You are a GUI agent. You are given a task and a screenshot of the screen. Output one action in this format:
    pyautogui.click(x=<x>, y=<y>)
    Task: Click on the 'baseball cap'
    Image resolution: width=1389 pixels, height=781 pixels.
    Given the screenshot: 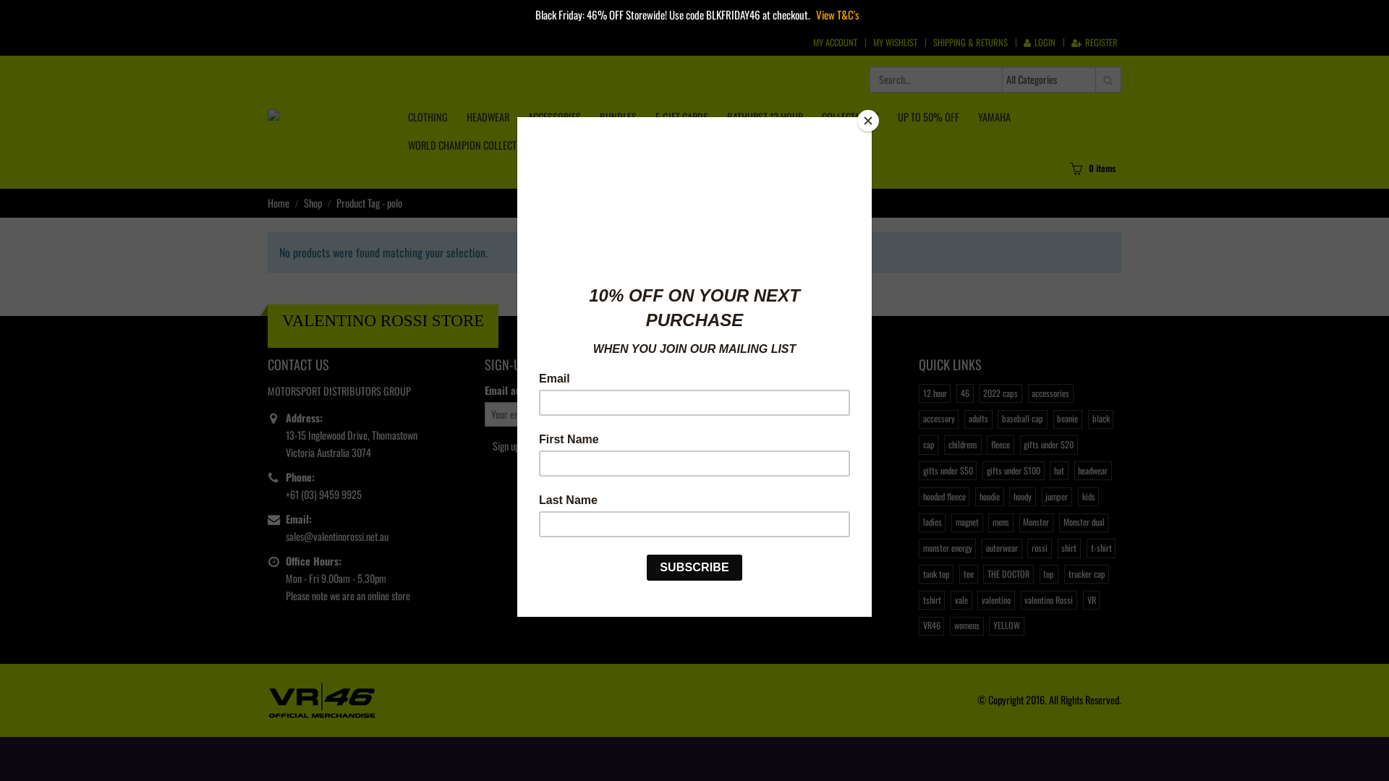 What is the action you would take?
    pyautogui.click(x=1021, y=419)
    